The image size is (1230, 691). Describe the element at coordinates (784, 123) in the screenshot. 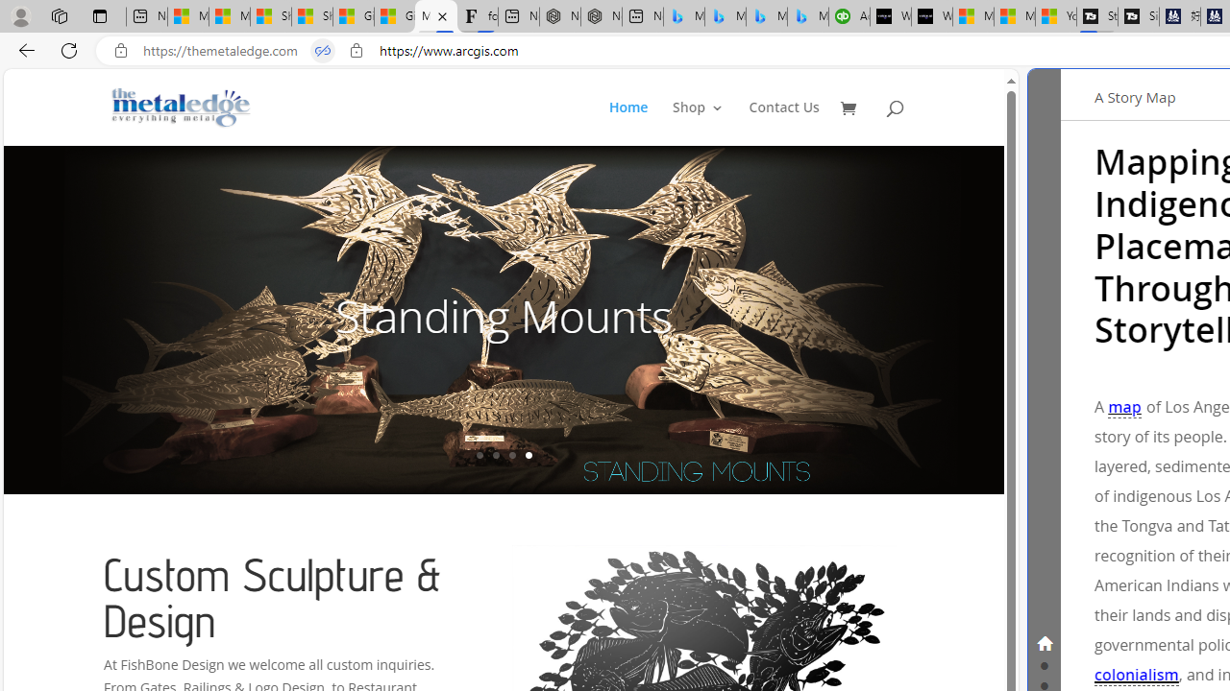

I see `'Contact Us'` at that location.